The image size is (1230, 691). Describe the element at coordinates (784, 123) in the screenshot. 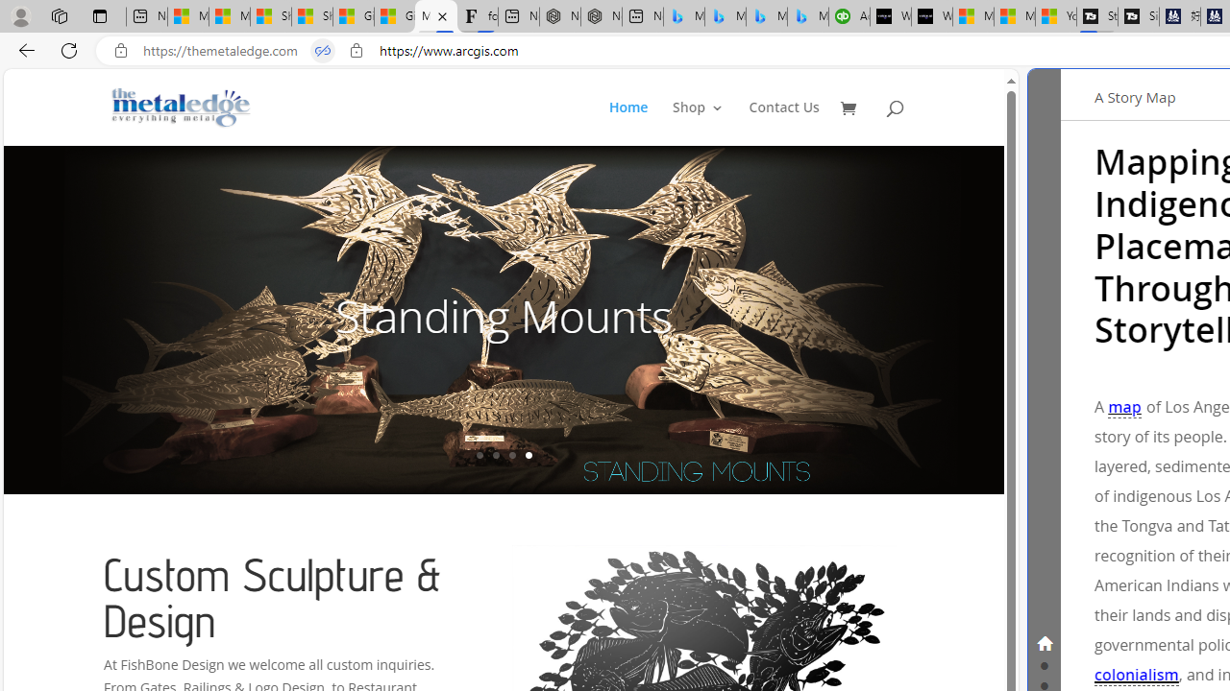

I see `'Contact Us'` at that location.